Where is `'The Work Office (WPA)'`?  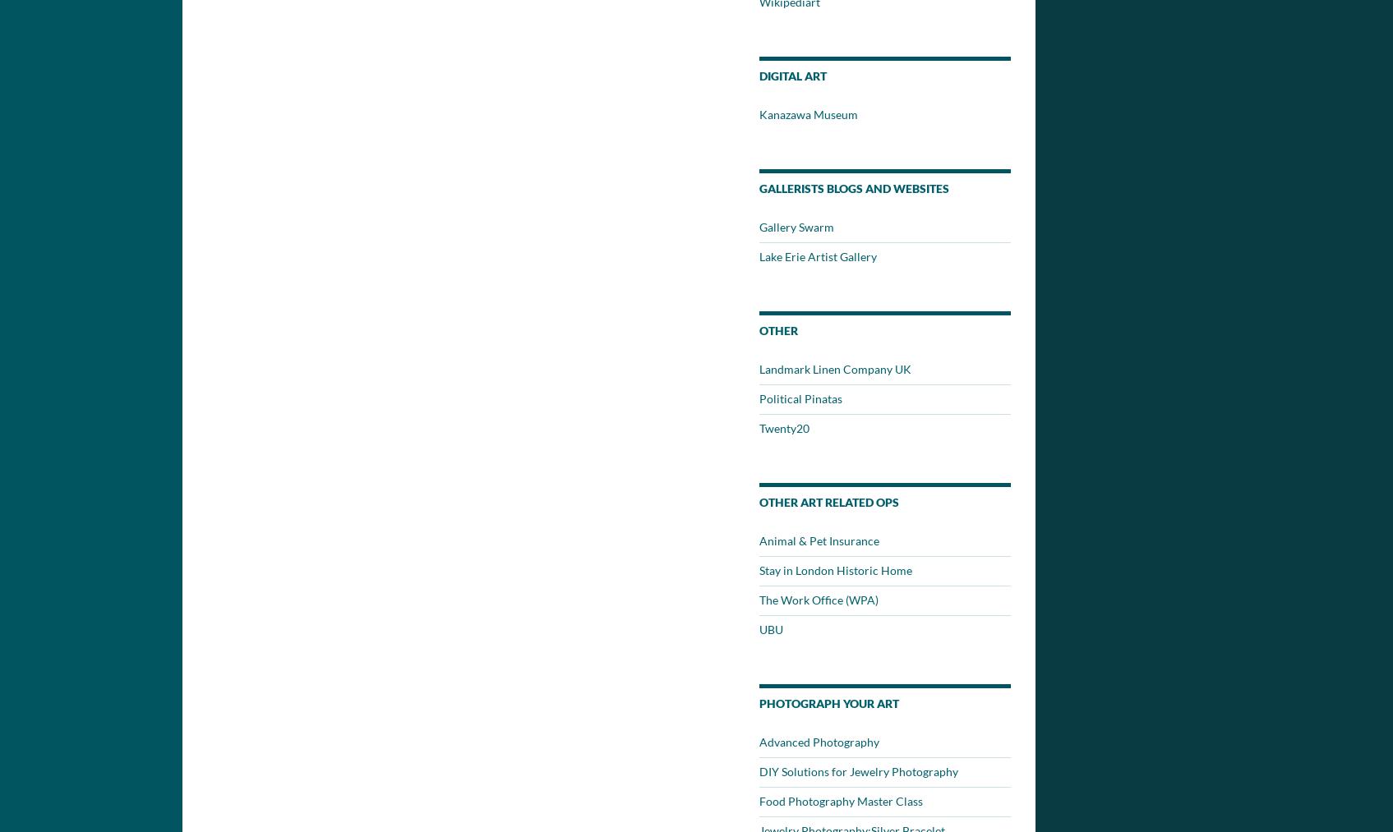
'The Work Office (WPA)' is located at coordinates (818, 600).